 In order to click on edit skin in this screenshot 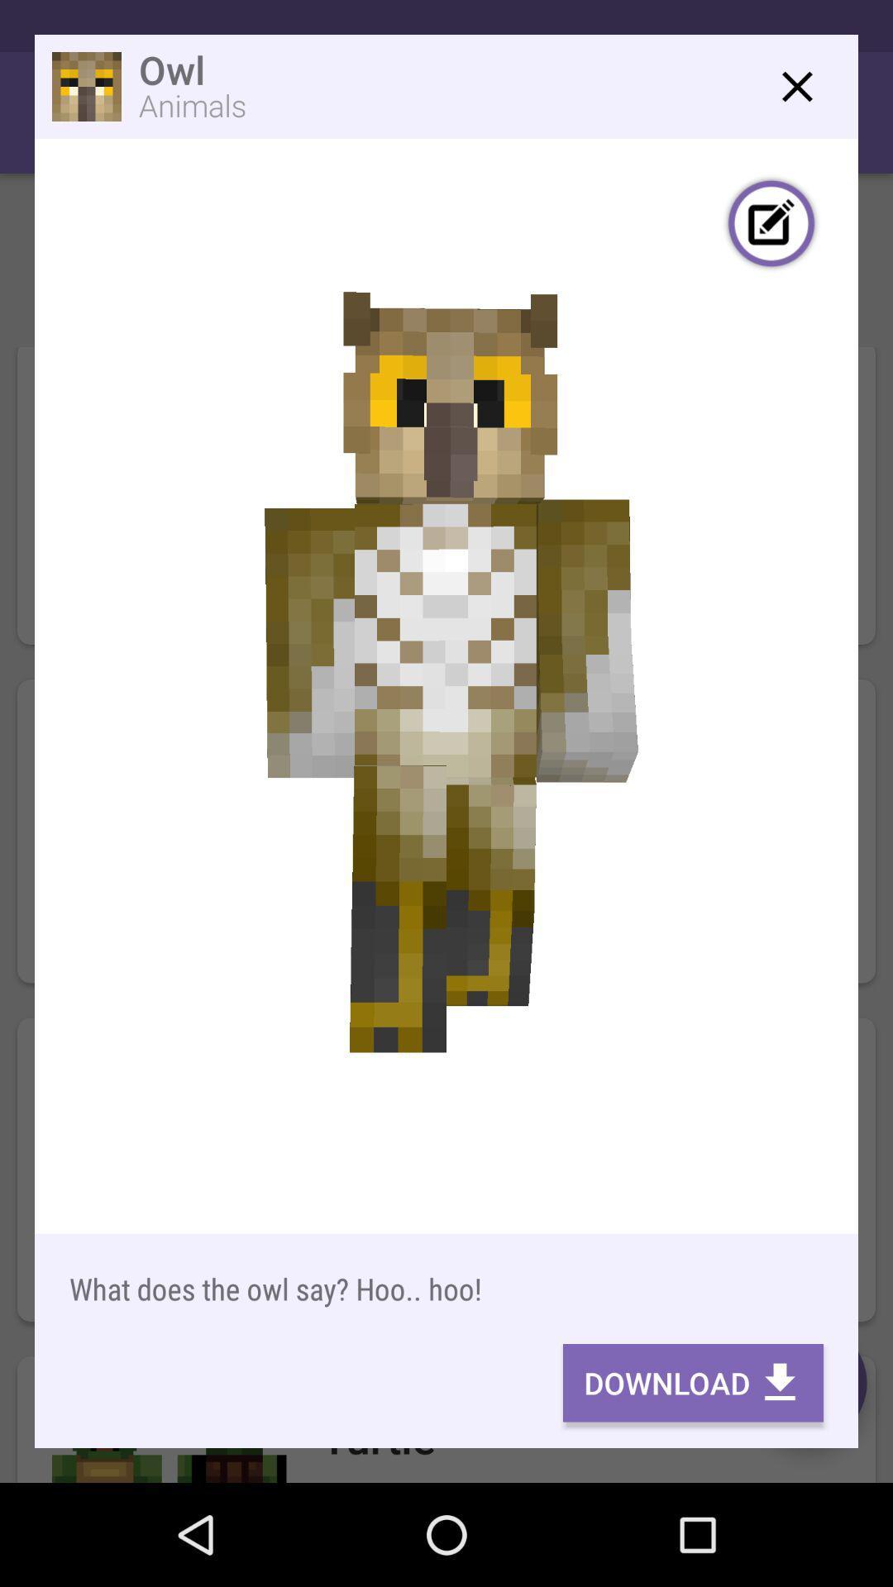, I will do `click(771, 225)`.